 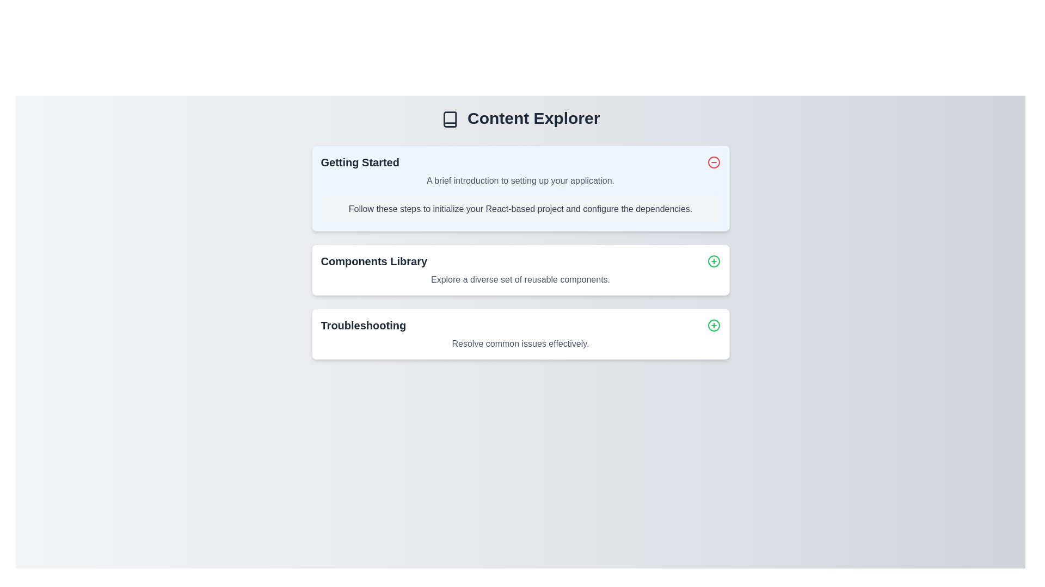 What do you see at coordinates (714, 163) in the screenshot?
I see `the circular red-bordered button with a minus sign located on the far right of the 'Getting Started' section header` at bounding box center [714, 163].